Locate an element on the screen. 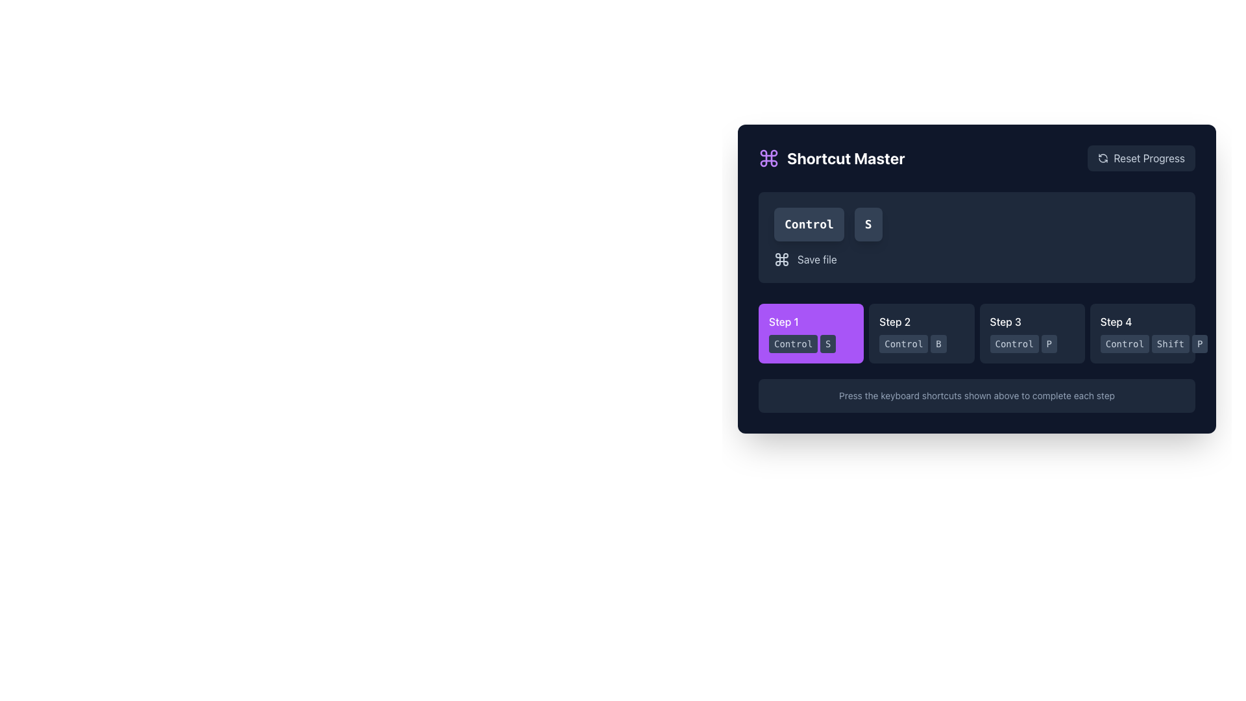 The width and height of the screenshot is (1246, 701). the 'Save file' text label located within the 'Shortcut Master' UI card, positioned to the right of the control symbol is located at coordinates (816, 260).